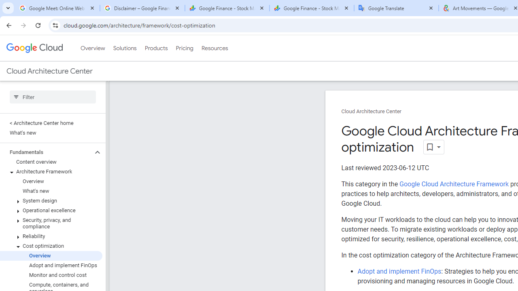 The height and width of the screenshot is (291, 518). Describe the element at coordinates (454, 184) in the screenshot. I see `'Google Cloud Architecture Framework'` at that location.